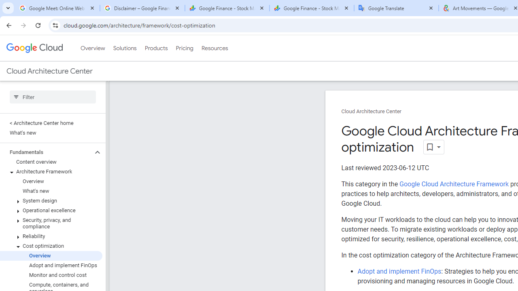 The height and width of the screenshot is (291, 518). Describe the element at coordinates (454, 184) in the screenshot. I see `'Google Cloud Architecture Framework'` at that location.